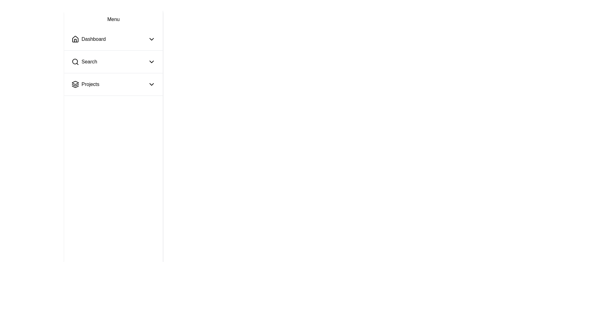 This screenshot has height=334, width=593. Describe the element at coordinates (88, 39) in the screenshot. I see `the first menu item in the vertical list under the 'Menu' label` at that location.